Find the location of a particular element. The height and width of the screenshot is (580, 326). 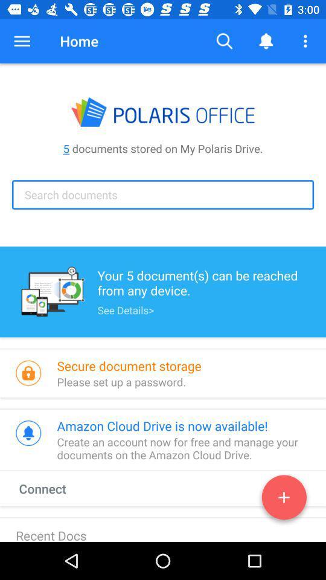

the add icon is located at coordinates (284, 500).